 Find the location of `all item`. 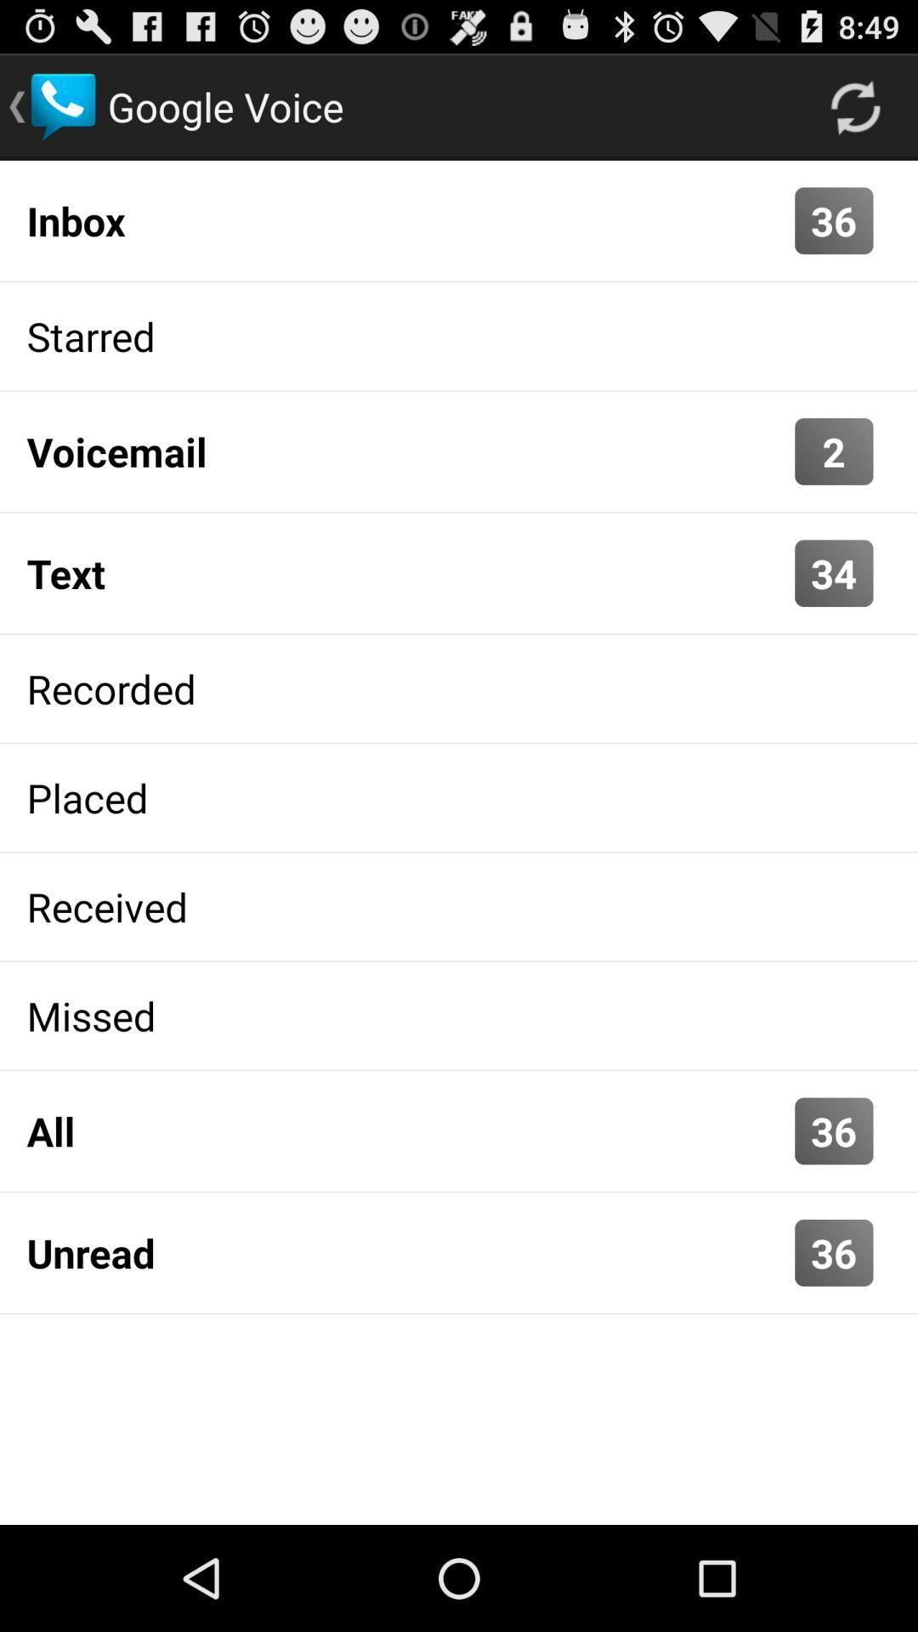

all item is located at coordinates (406, 1130).